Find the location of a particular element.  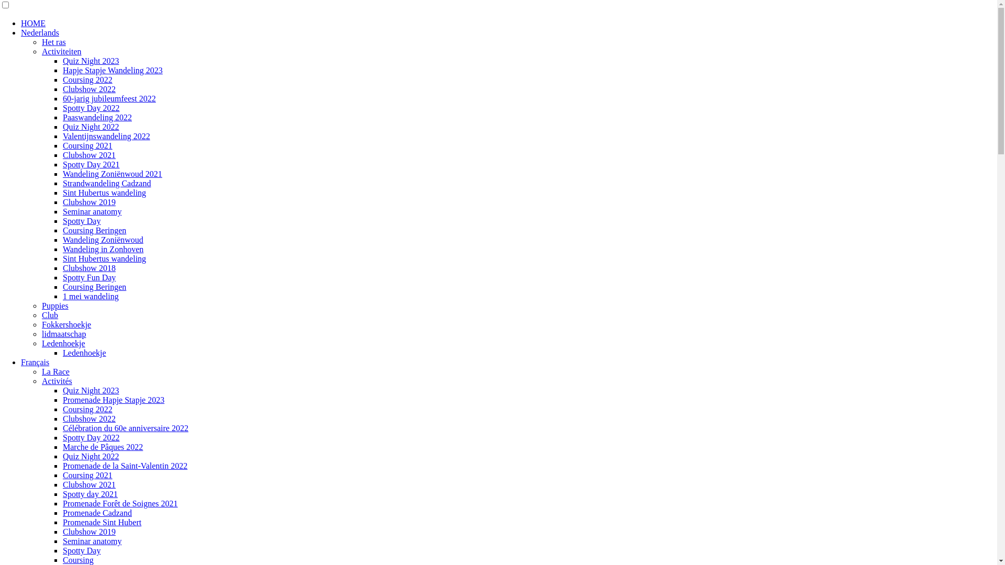

'La Race' is located at coordinates (55, 371).